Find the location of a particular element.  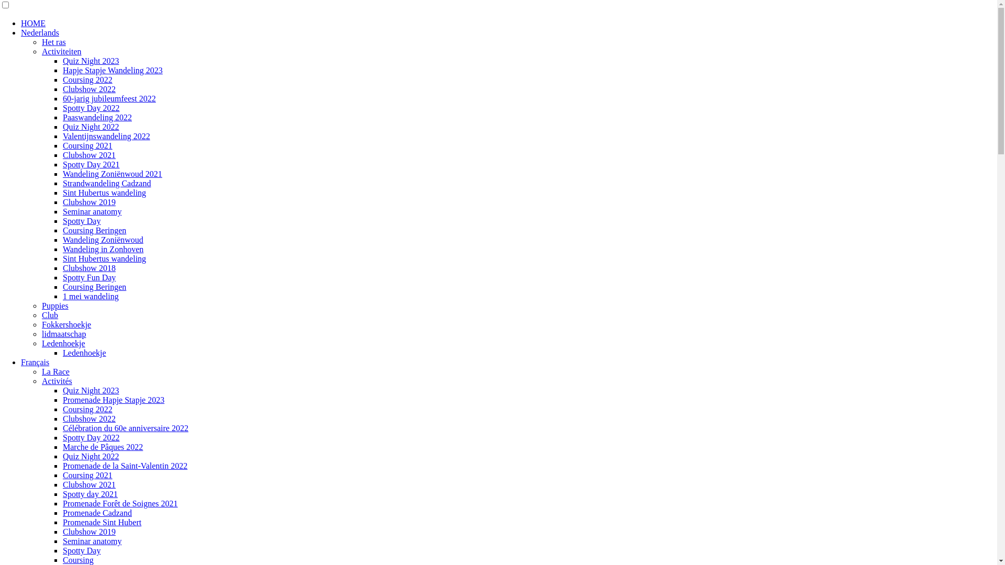

'La Race' is located at coordinates (55, 371).